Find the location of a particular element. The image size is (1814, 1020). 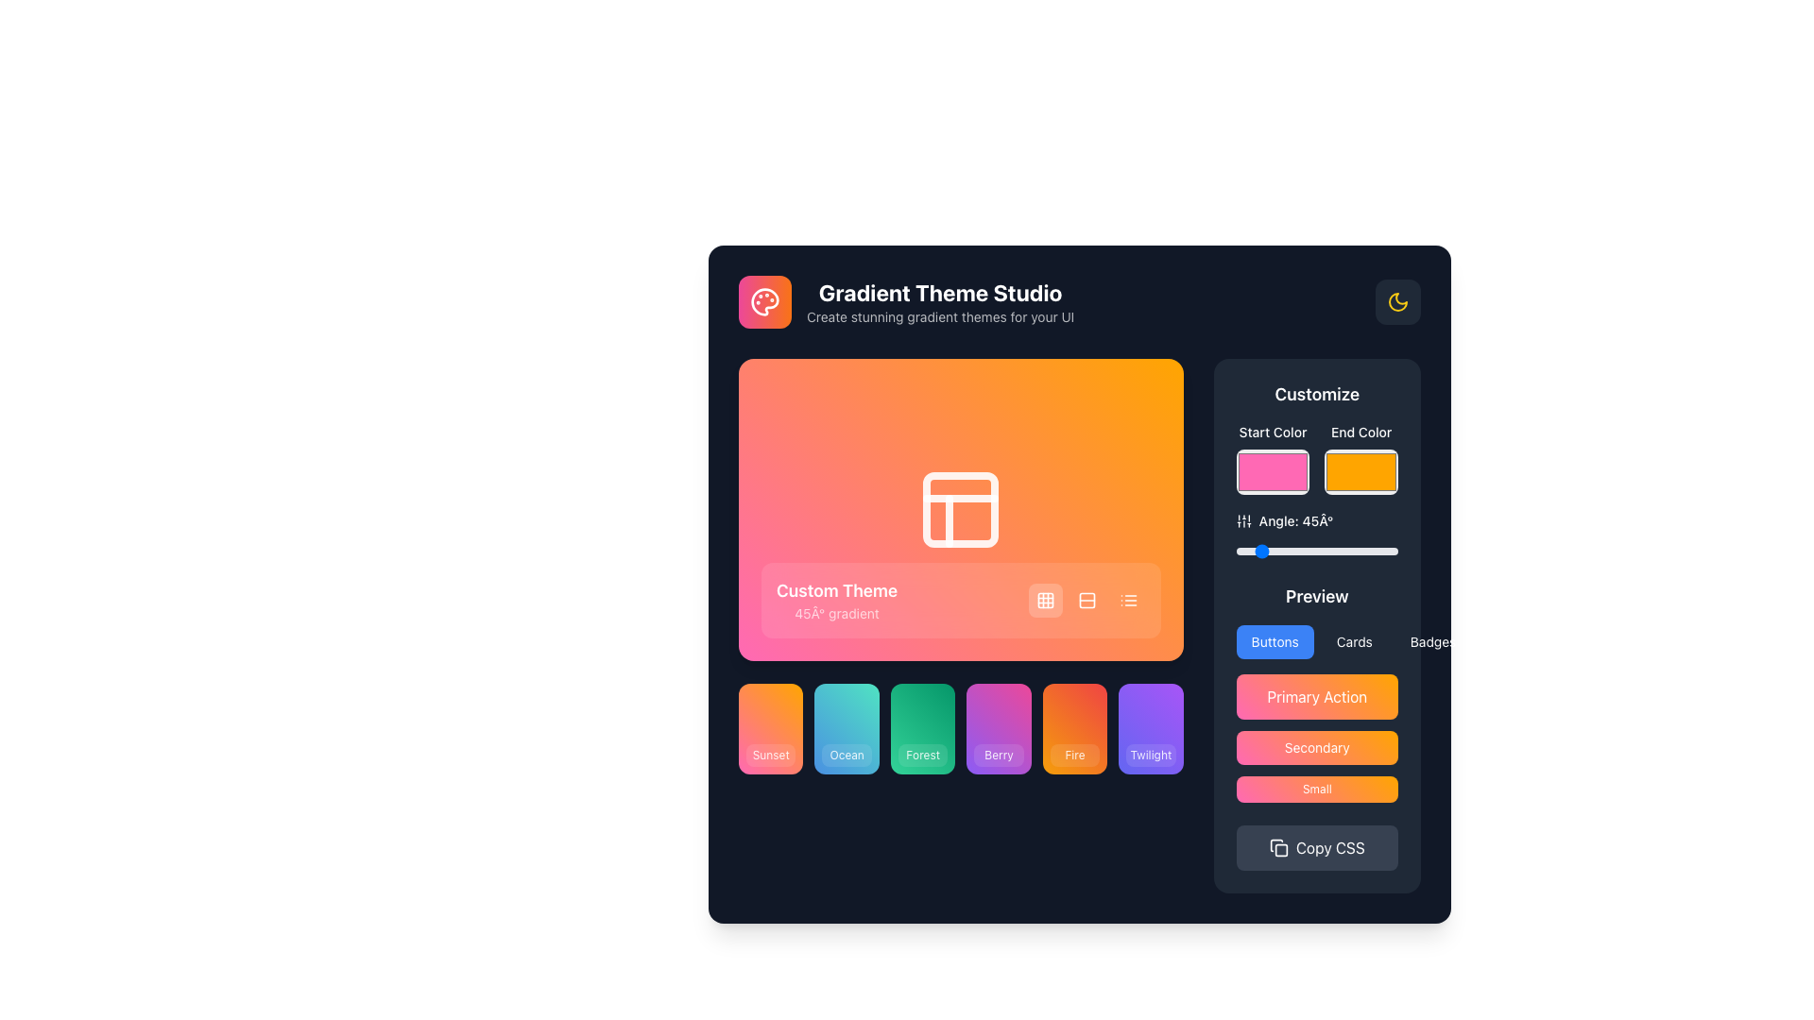

the Header with subtitle for the 'Gradient Theme Studio' section is located at coordinates (940, 301).